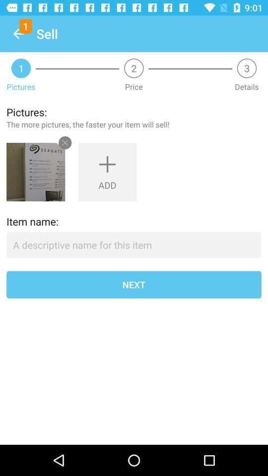  What do you see at coordinates (134, 244) in the screenshot?
I see `item search` at bounding box center [134, 244].